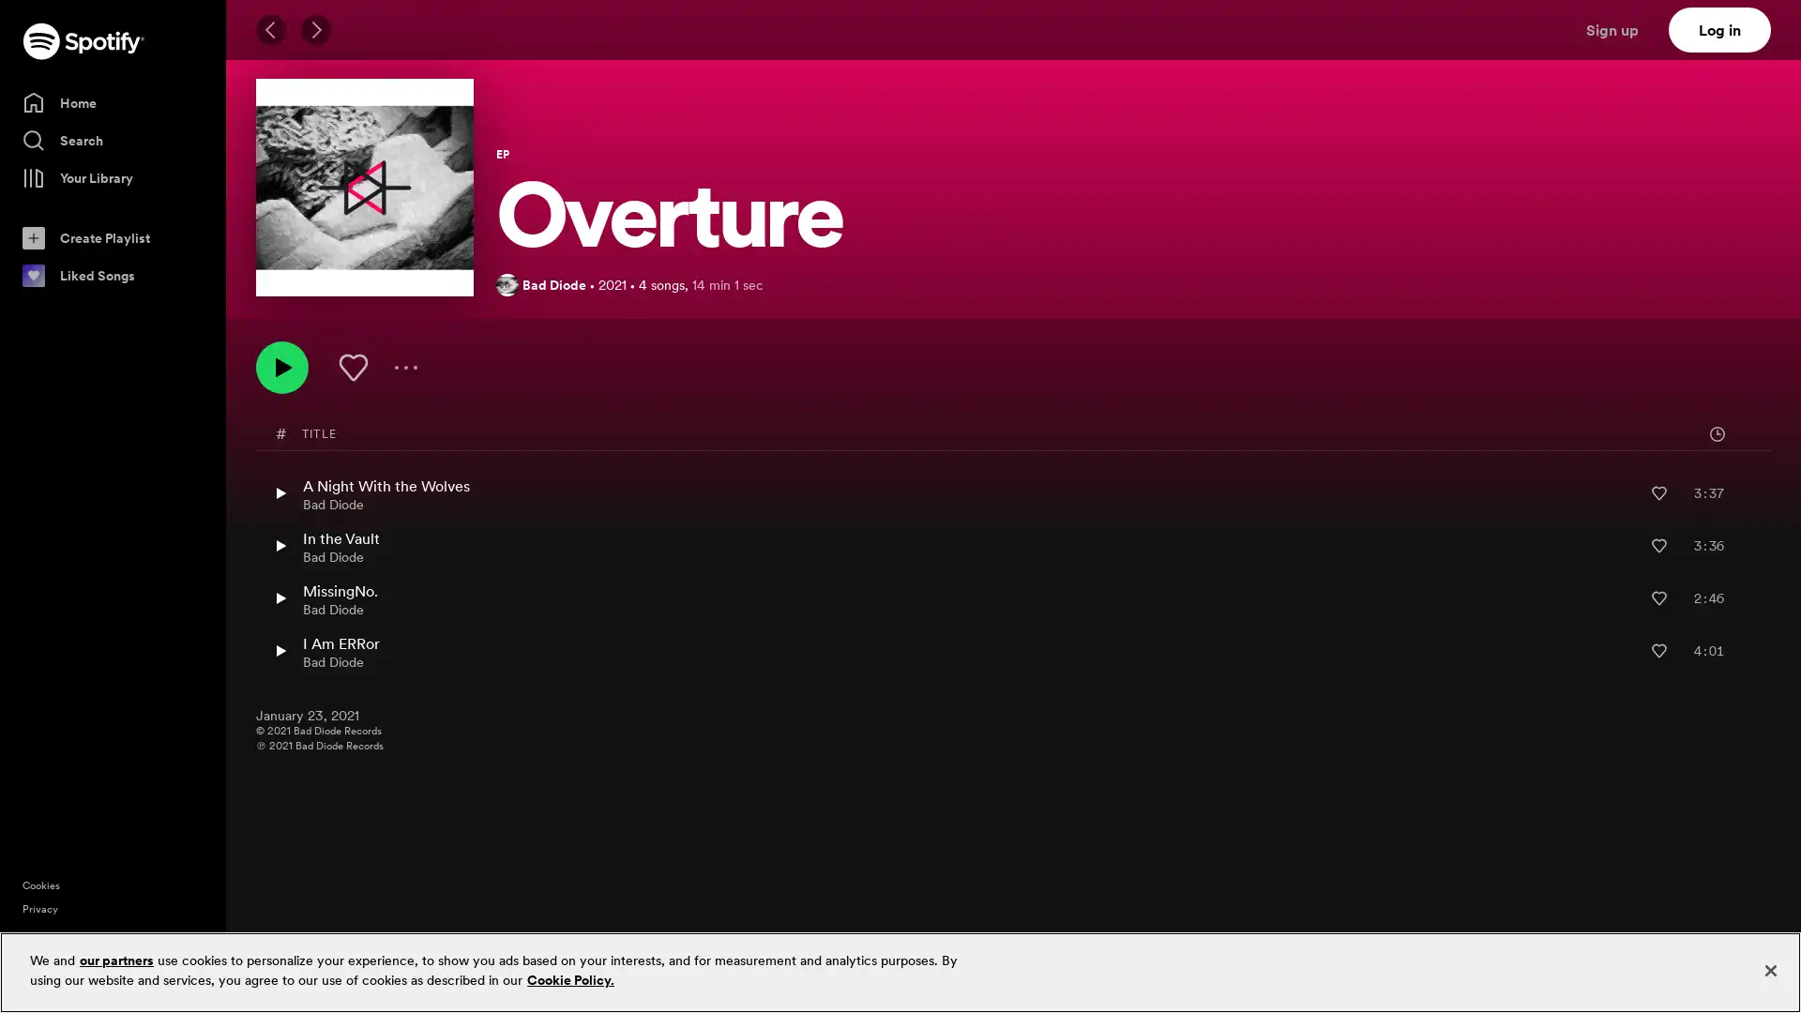 The image size is (1801, 1013). Describe the element at coordinates (1719, 29) in the screenshot. I see `Log in` at that location.